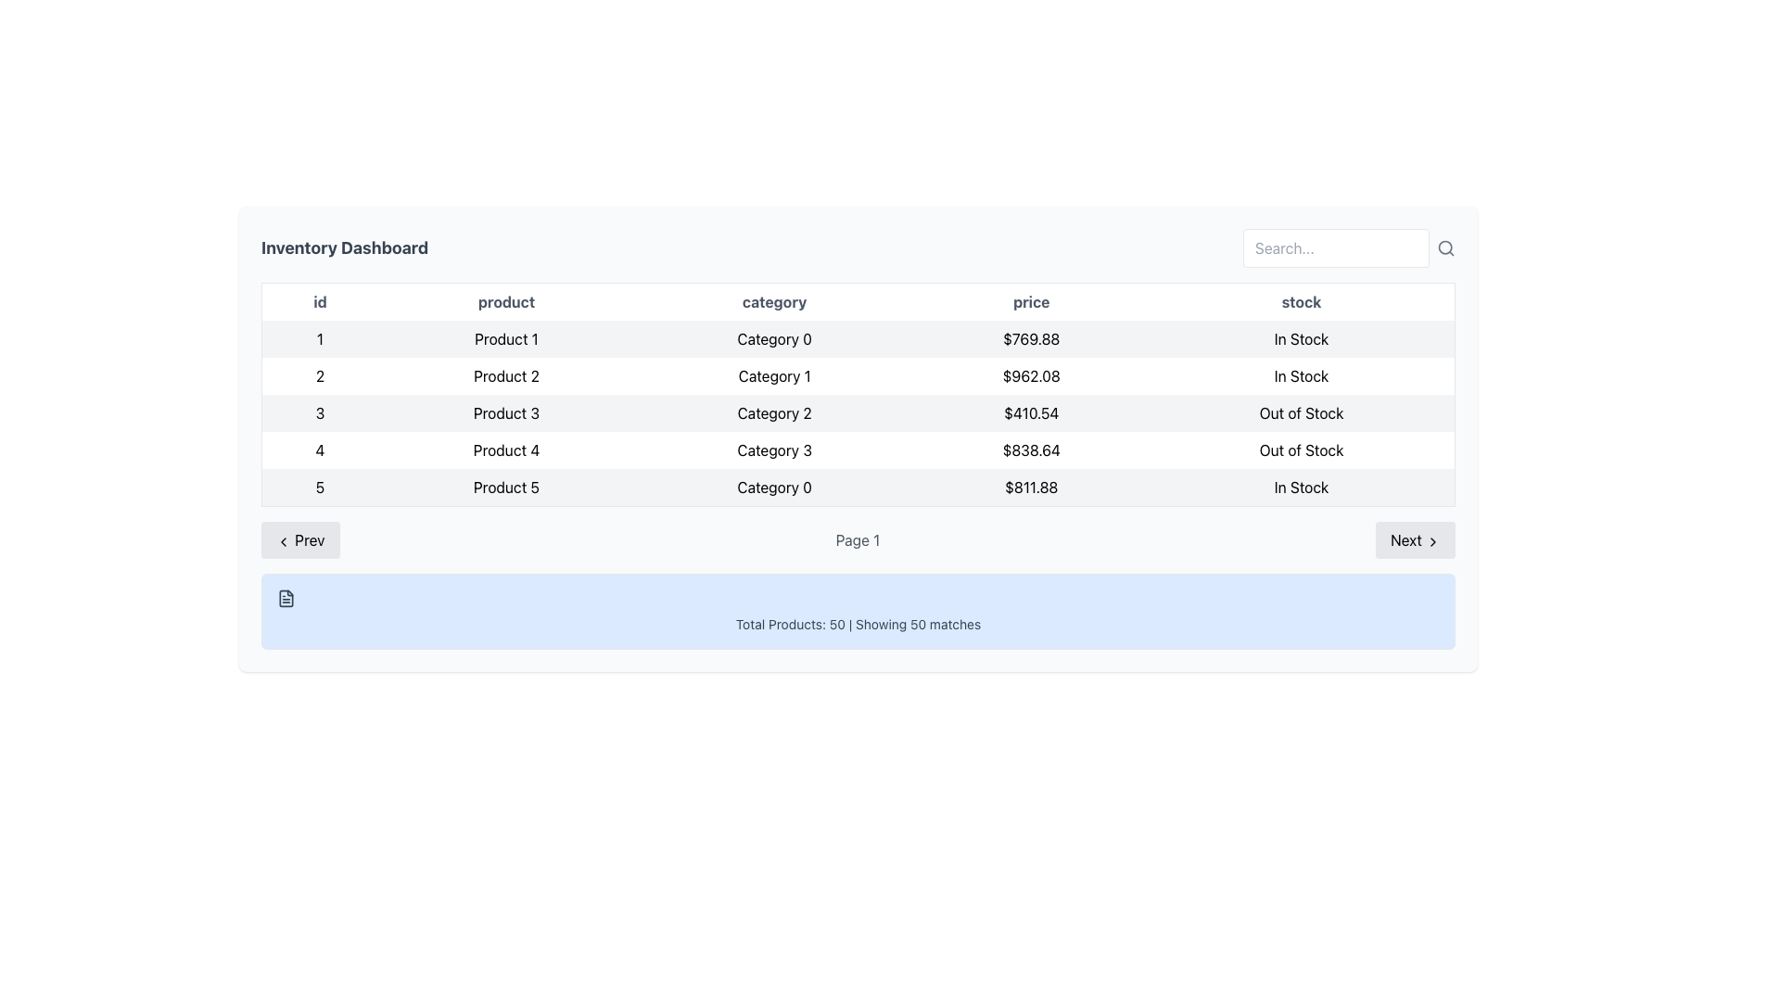  I want to click on the 'Category 2' text label within the table cell that is part of the row for 'Product 3' in the 'category' column, so click(774, 412).